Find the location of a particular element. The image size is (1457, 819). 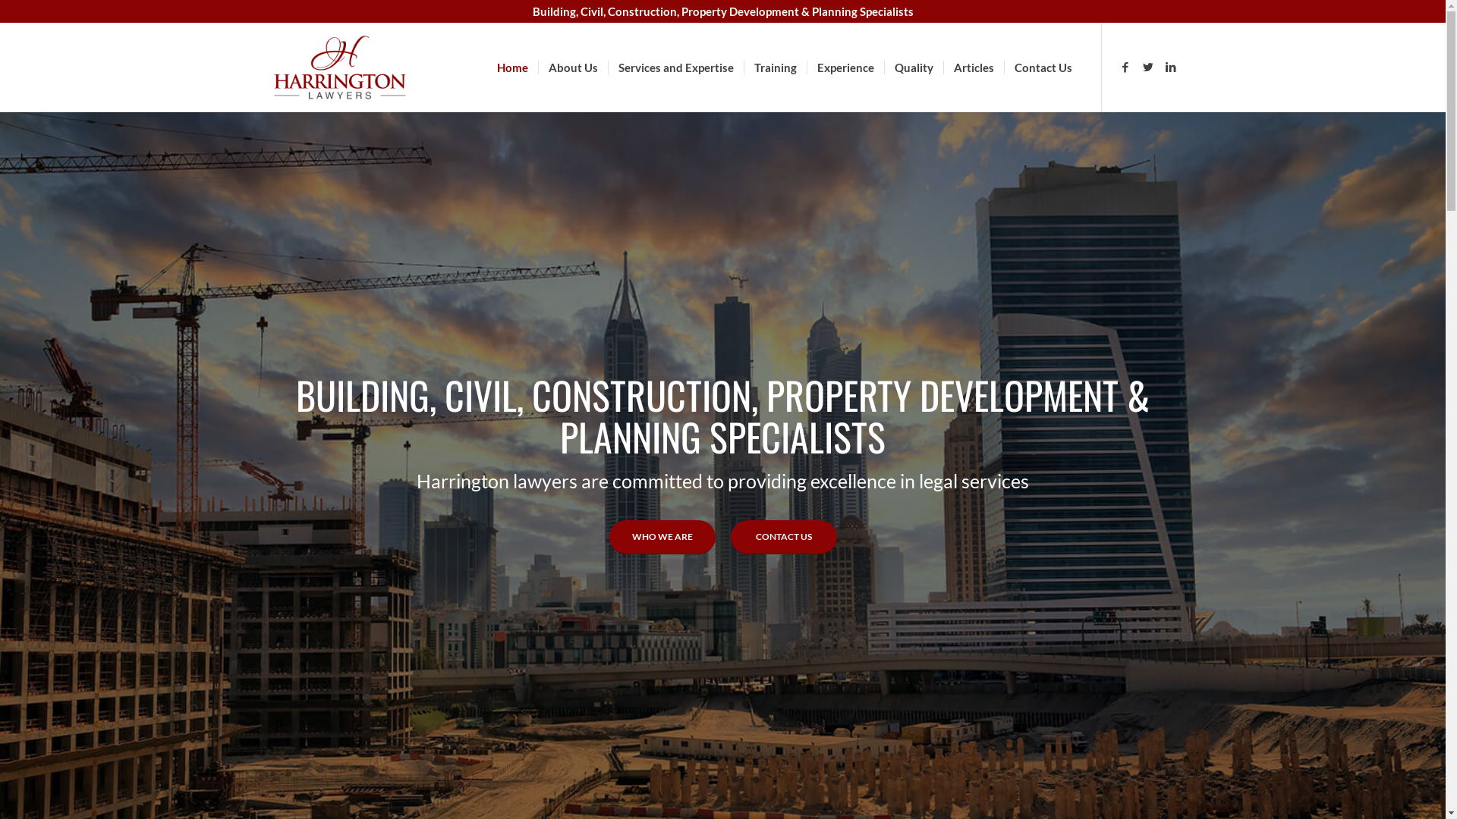

'Articles' is located at coordinates (942, 66).